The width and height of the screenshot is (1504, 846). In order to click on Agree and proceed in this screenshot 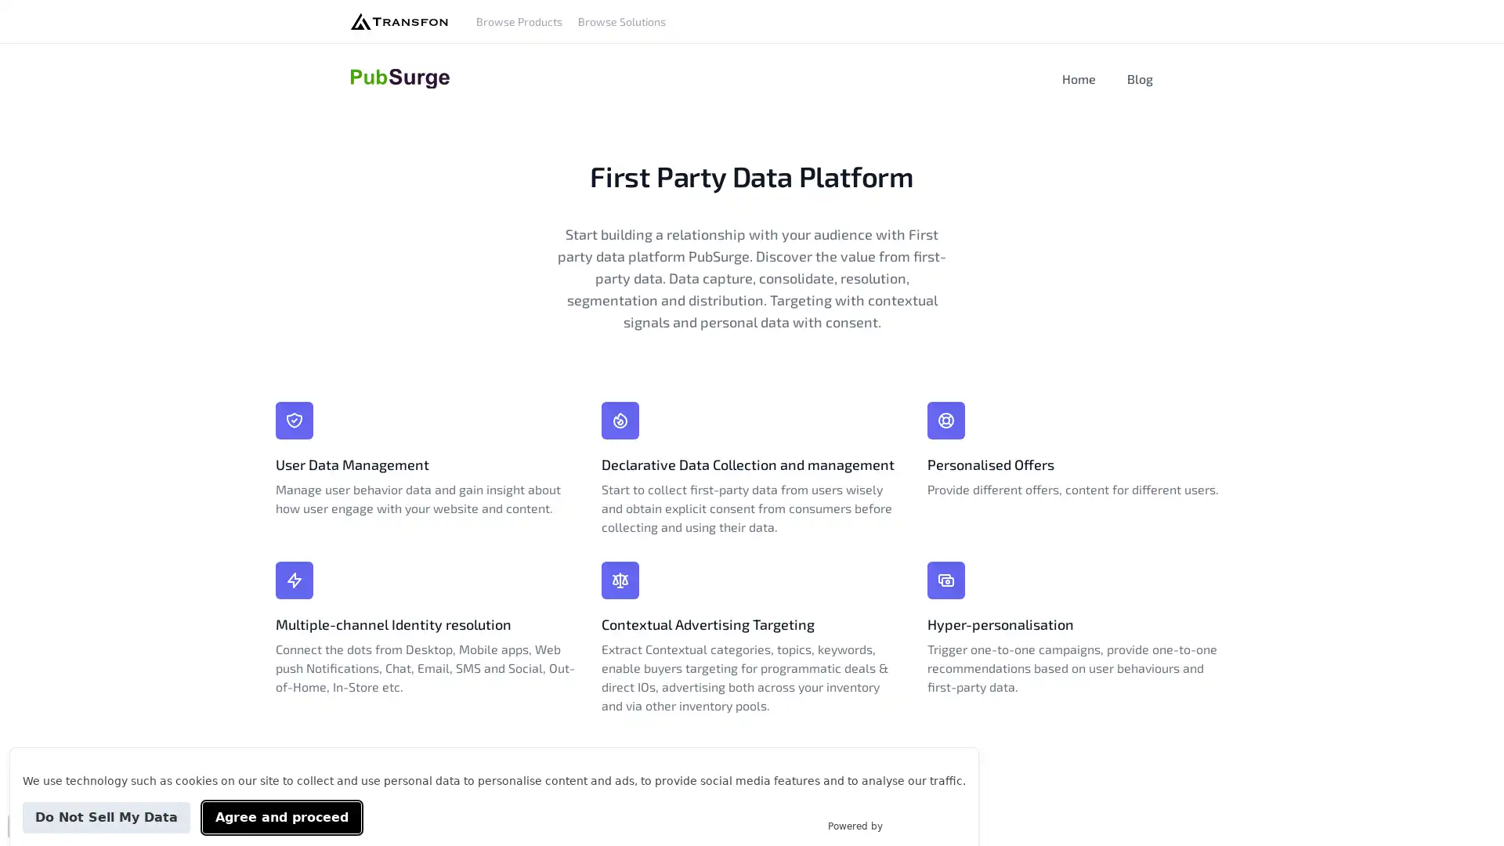, I will do `click(282, 817)`.